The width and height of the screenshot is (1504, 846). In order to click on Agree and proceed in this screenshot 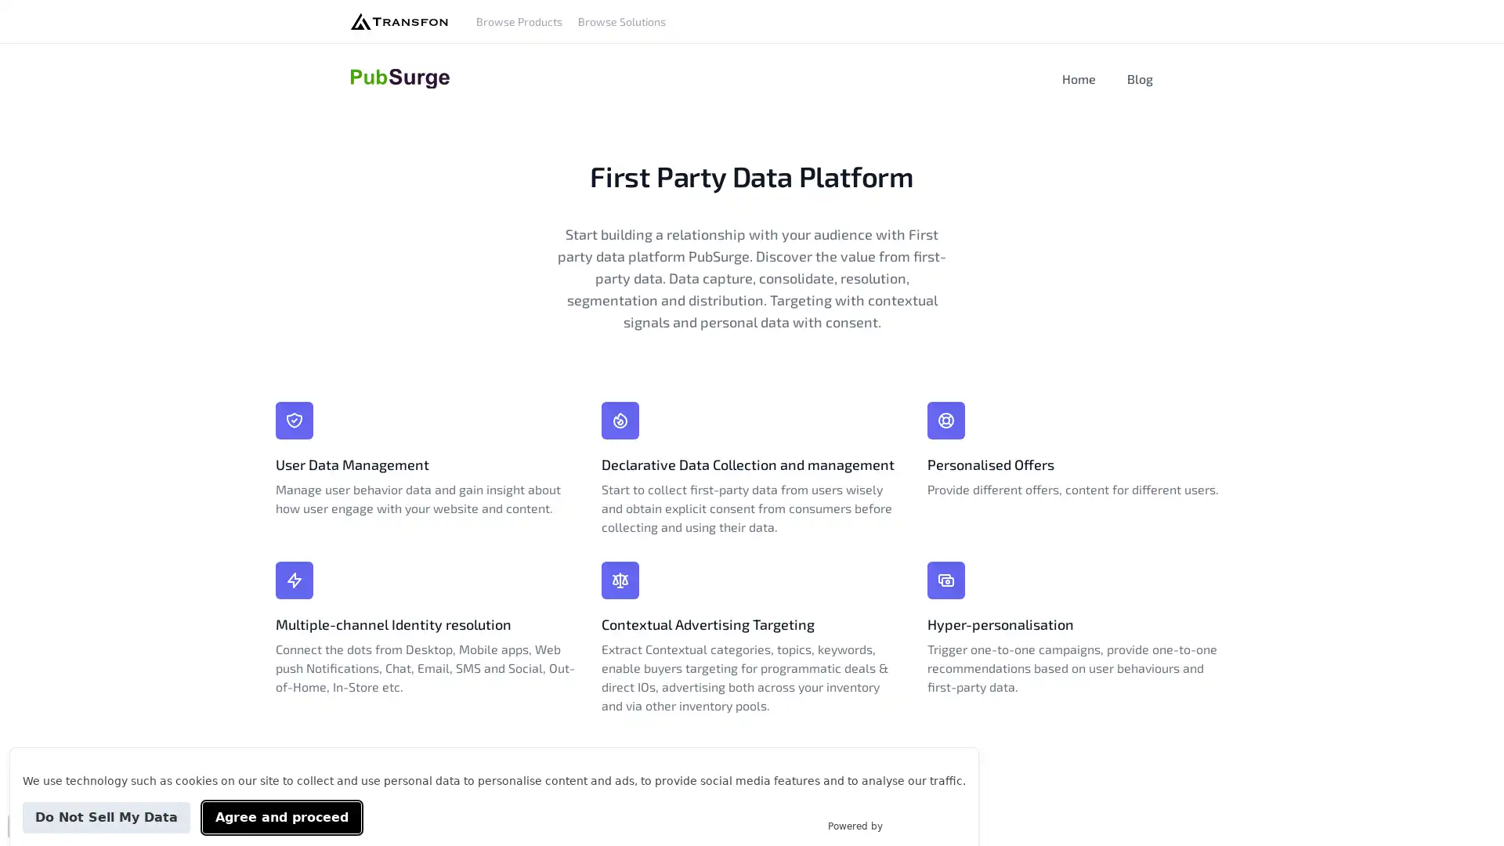, I will do `click(282, 817)`.